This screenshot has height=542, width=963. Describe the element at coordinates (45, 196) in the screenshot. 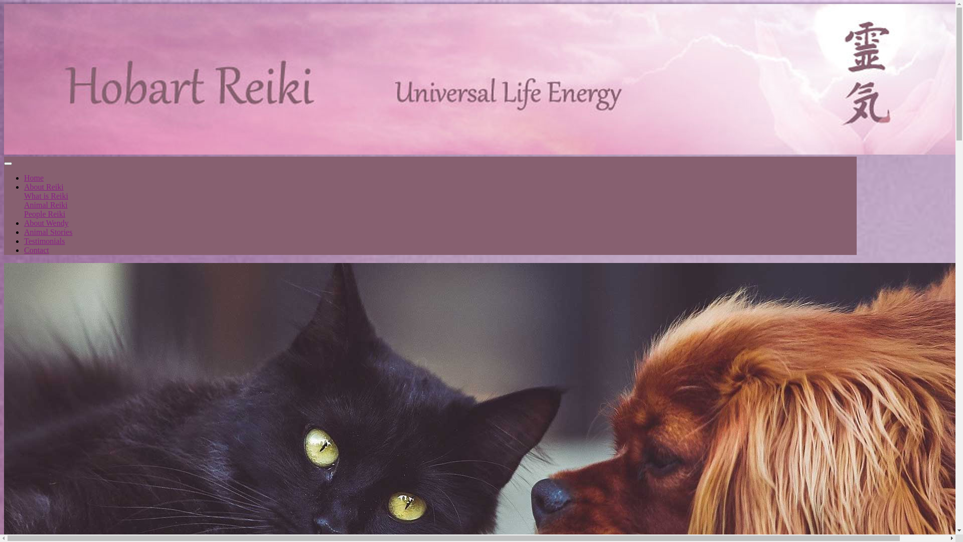

I see `'What is Reiki'` at that location.